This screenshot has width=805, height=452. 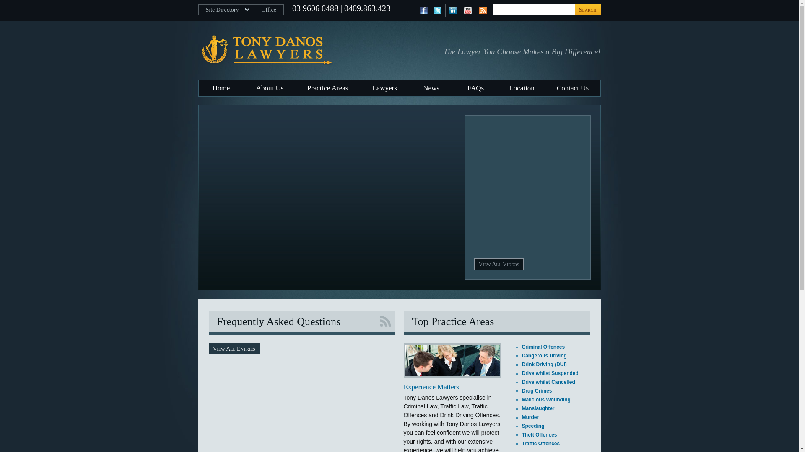 I want to click on 'About Us', so click(x=270, y=88).